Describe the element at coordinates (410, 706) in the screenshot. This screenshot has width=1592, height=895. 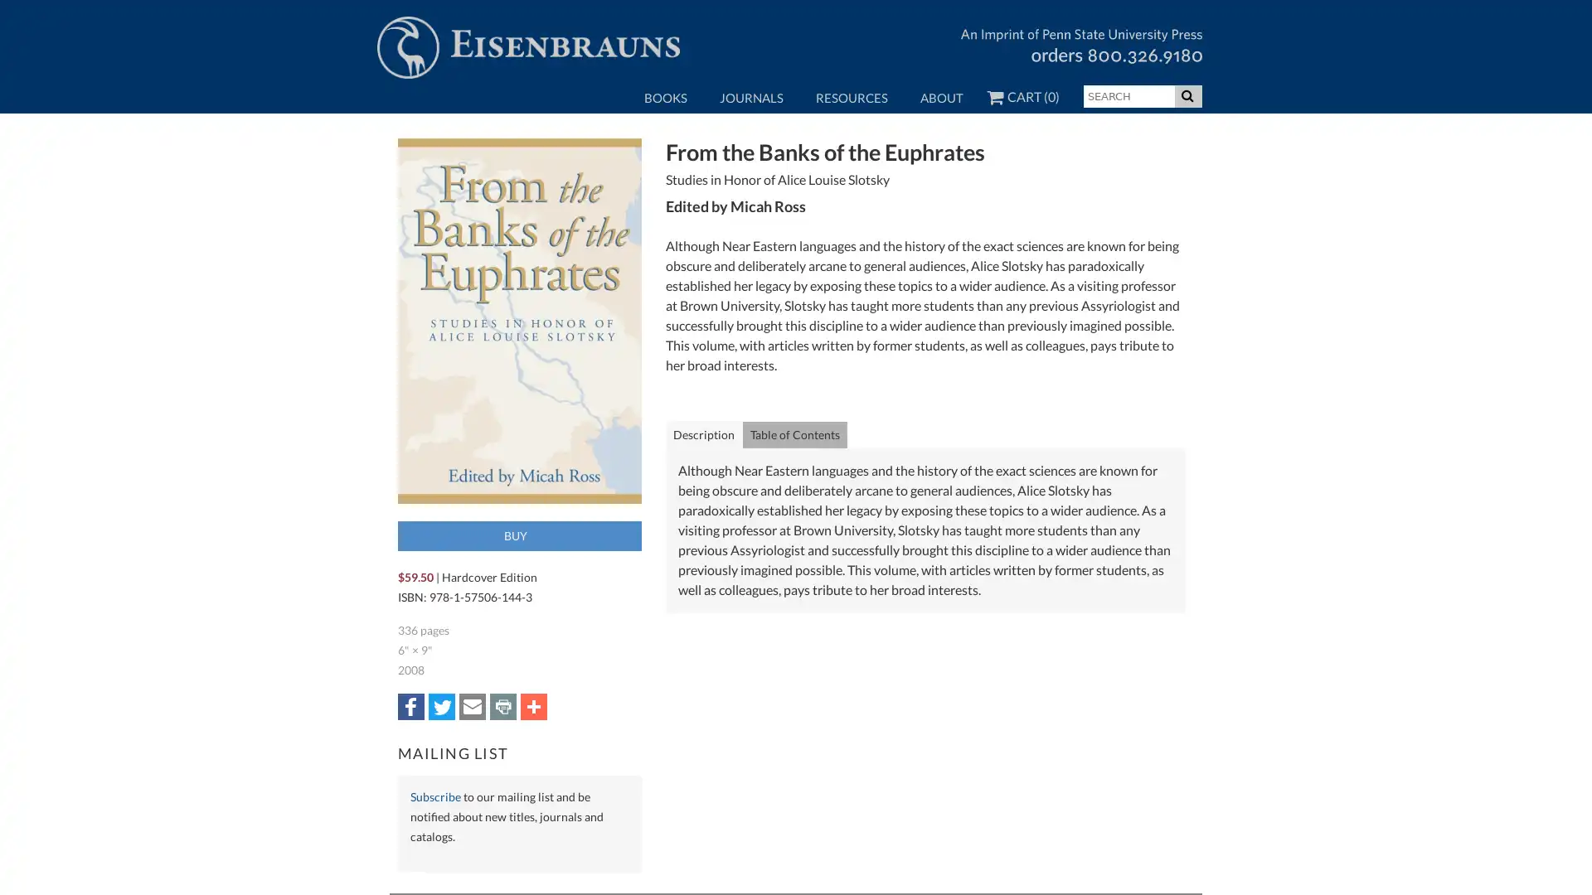
I see `Share to Facebook` at that location.